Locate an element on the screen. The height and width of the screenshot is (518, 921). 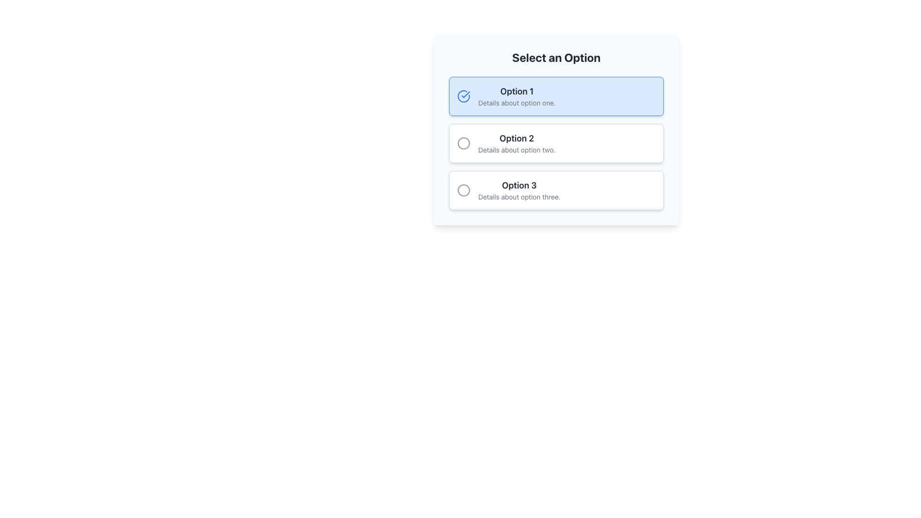
the radio button for 'Option 3' is located at coordinates (463, 190).